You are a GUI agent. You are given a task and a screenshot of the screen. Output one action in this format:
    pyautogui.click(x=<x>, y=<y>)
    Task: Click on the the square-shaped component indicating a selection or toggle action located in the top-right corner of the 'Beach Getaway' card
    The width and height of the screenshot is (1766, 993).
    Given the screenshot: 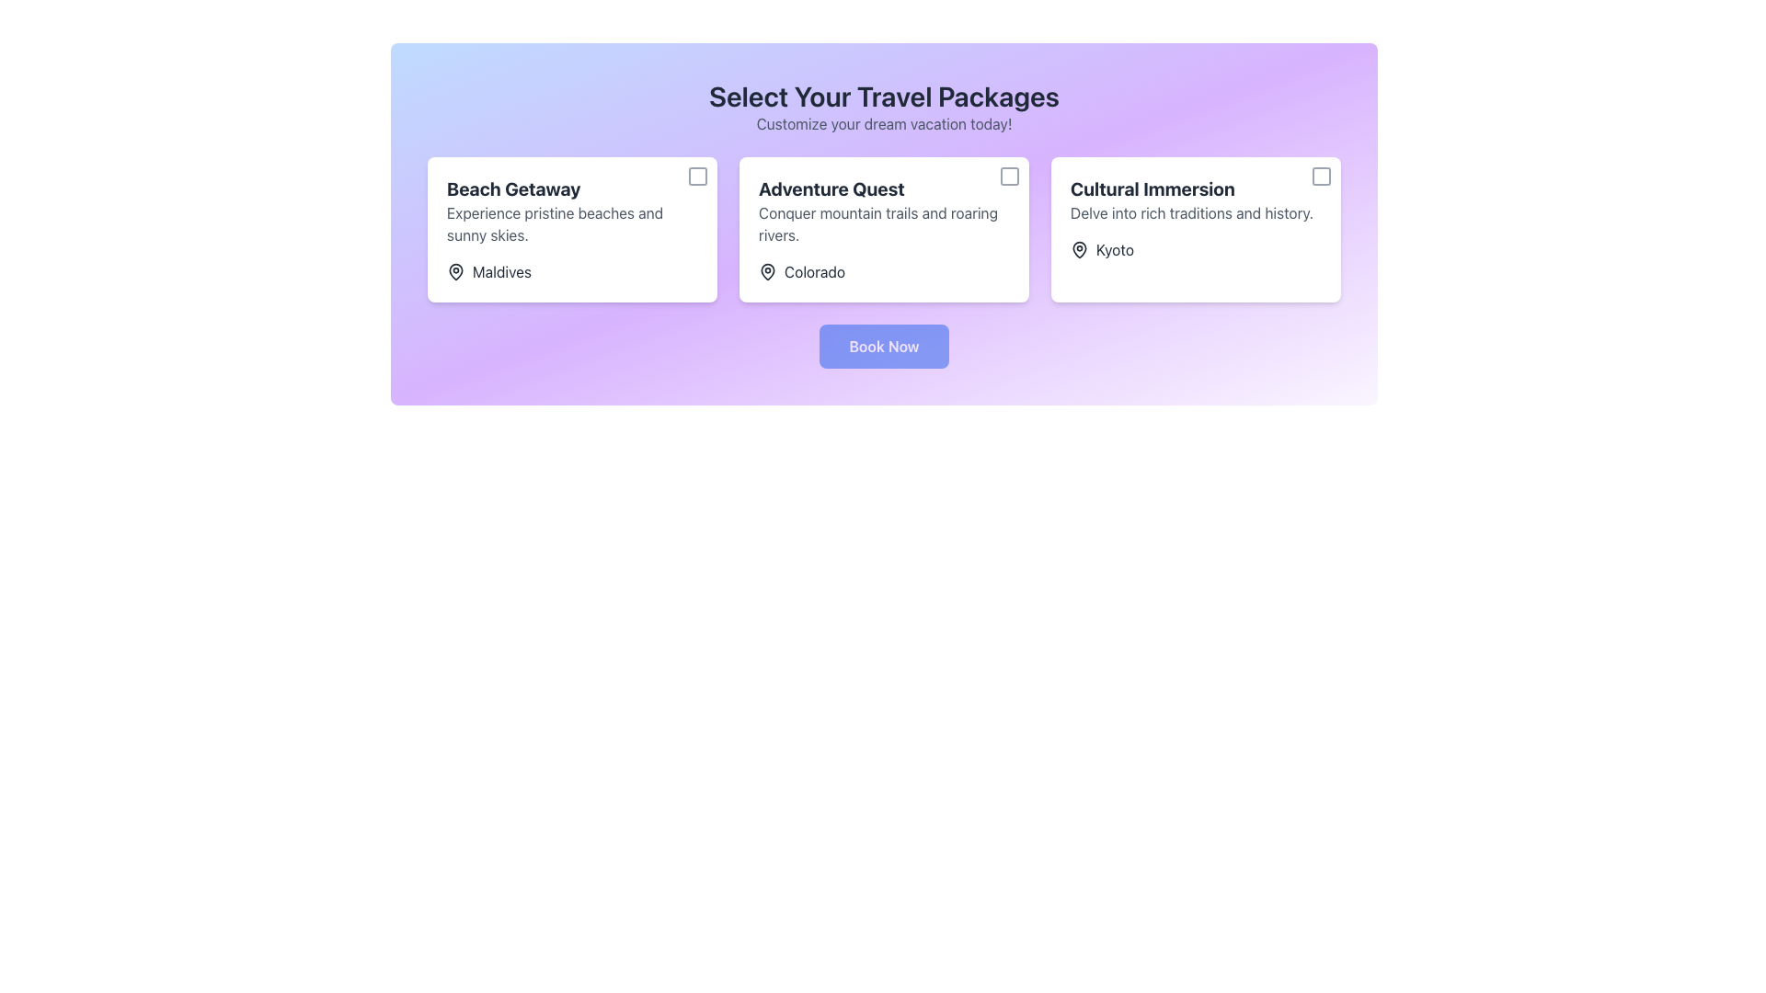 What is the action you would take?
    pyautogui.click(x=696, y=177)
    